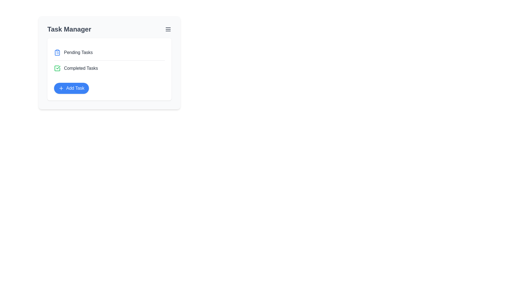  Describe the element at coordinates (57, 52) in the screenshot. I see `the icon for Pending Tasks` at that location.